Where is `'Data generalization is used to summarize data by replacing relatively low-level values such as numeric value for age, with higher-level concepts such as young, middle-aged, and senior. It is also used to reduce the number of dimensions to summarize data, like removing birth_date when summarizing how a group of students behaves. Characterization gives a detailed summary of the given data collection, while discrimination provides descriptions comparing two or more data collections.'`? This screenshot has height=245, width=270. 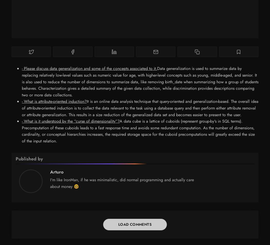
'Data generalization is used to summarize data by replacing relatively low-level values such as numeric value for age, with higher-level concepts such as young, middle-aged, and senior. It is also used to reduce the number of dimensions to summarize data, like removing birth_date when summarizing how a group of students behaves. Characterization gives a detailed summary of the given data collection, while discrimination provides descriptions comparing two or more data collections.' is located at coordinates (140, 81).